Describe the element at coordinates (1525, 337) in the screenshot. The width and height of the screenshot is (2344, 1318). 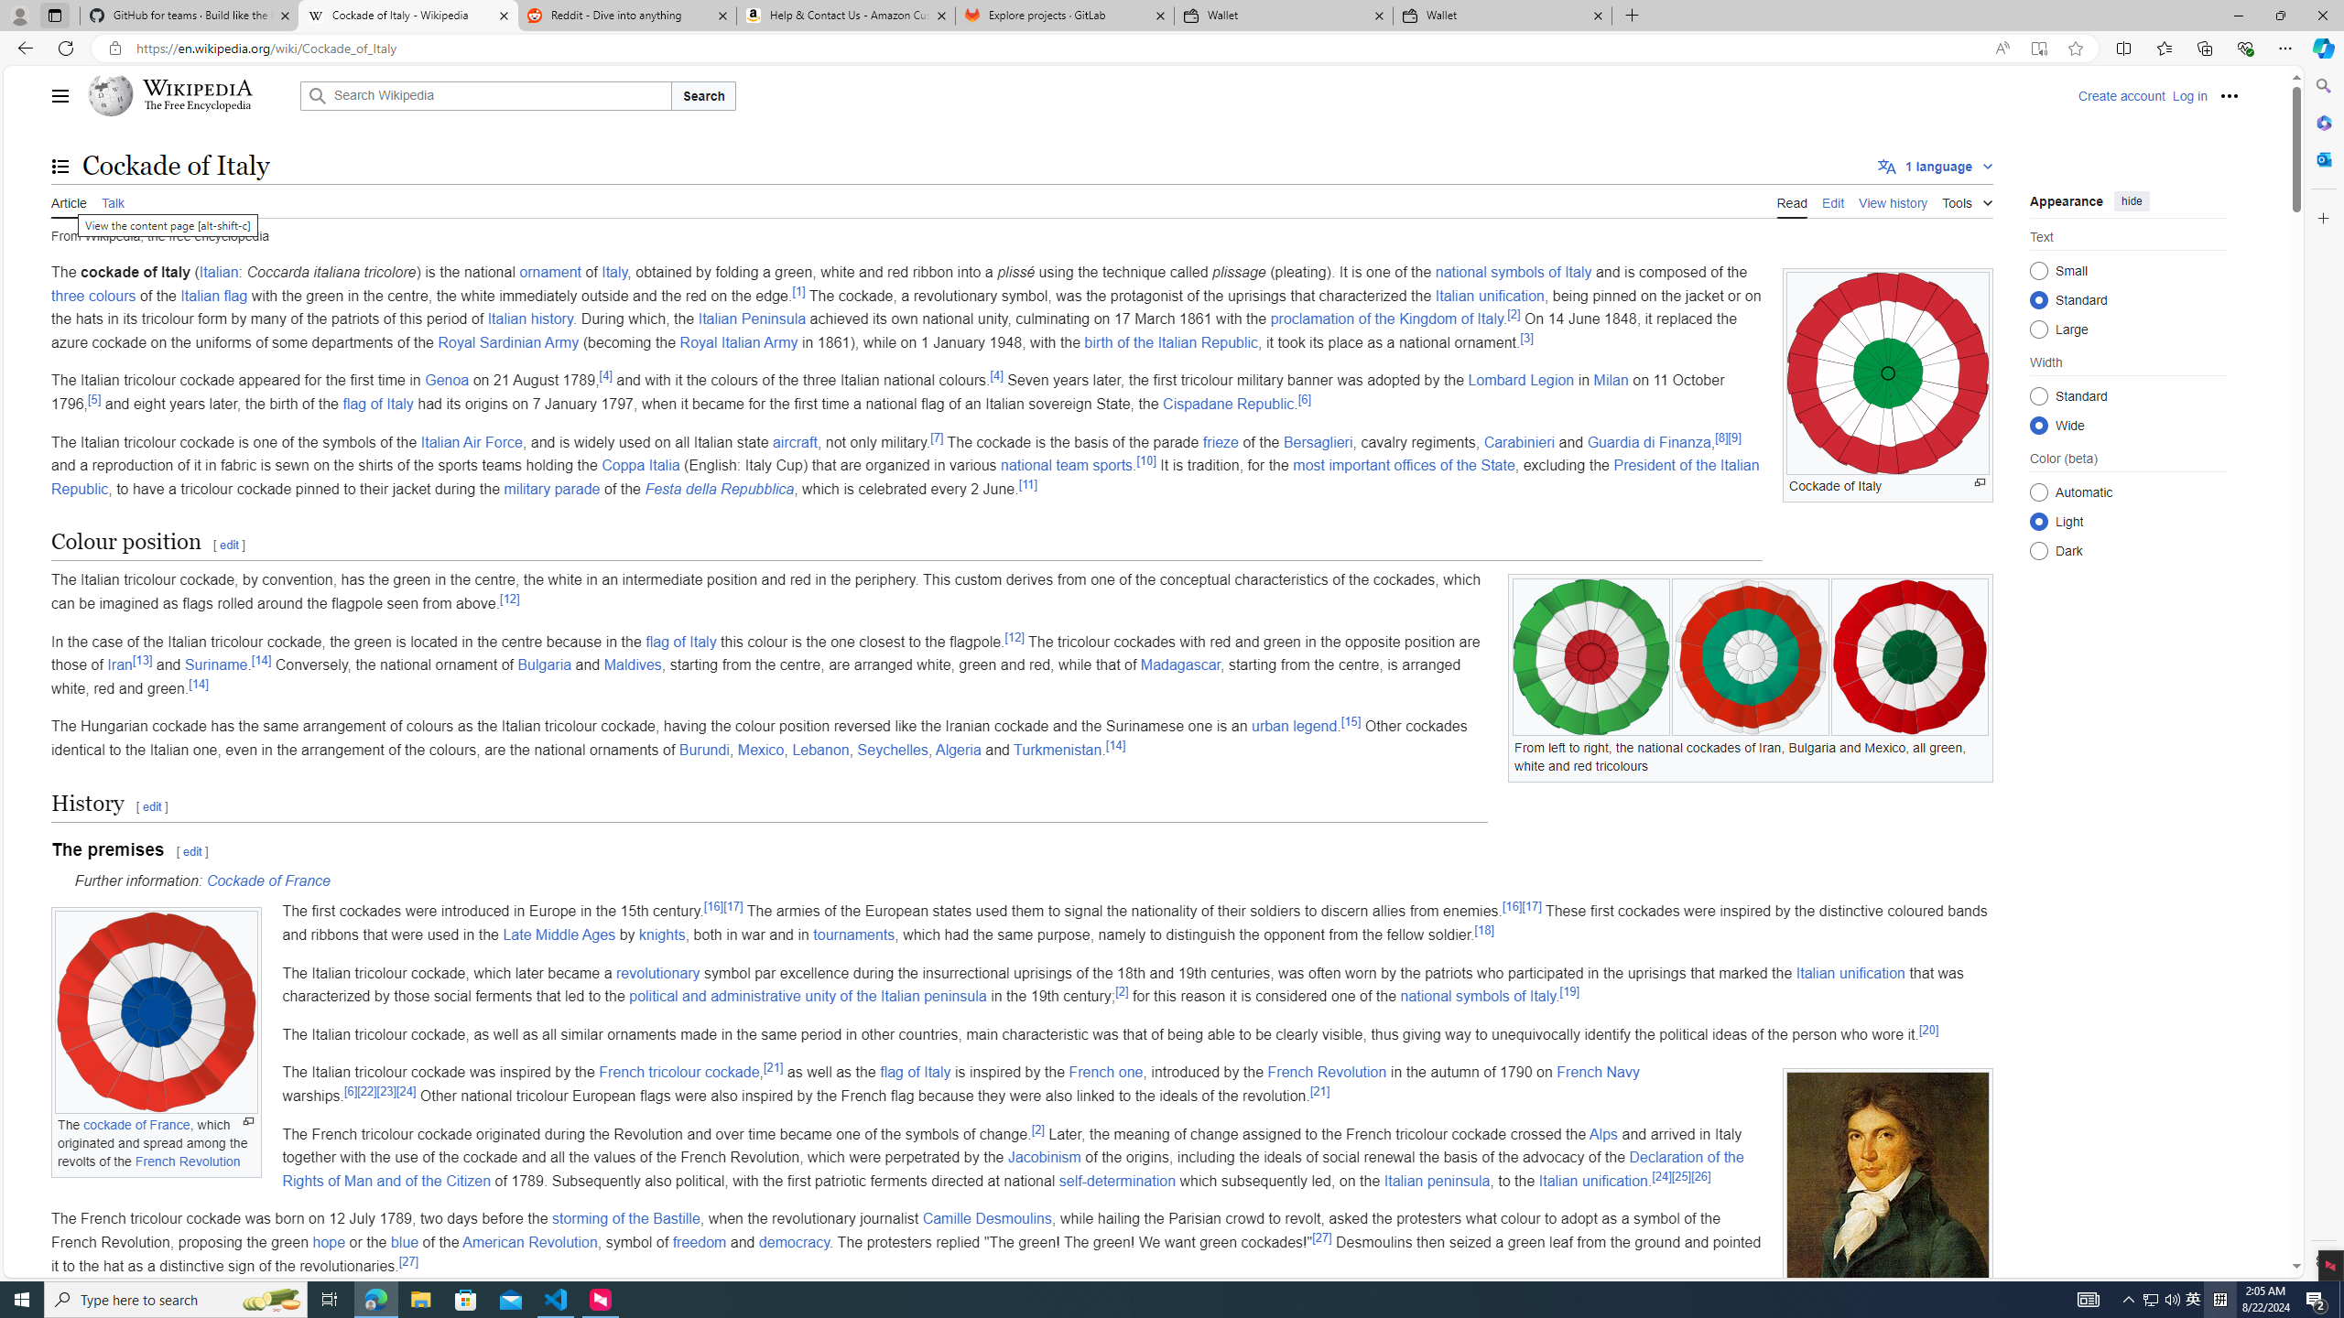
I see `'[3]'` at that location.